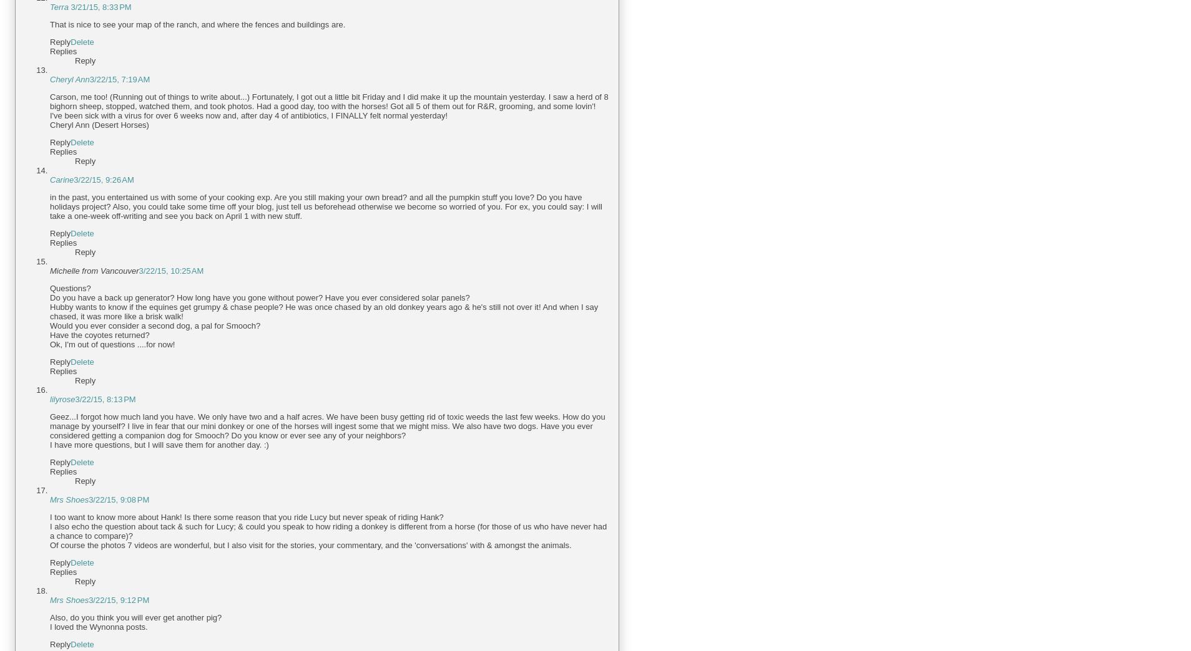 This screenshot has width=1191, height=651. Describe the element at coordinates (159, 444) in the screenshot. I see `'I have more questions, but I will save them for another day.  :)'` at that location.